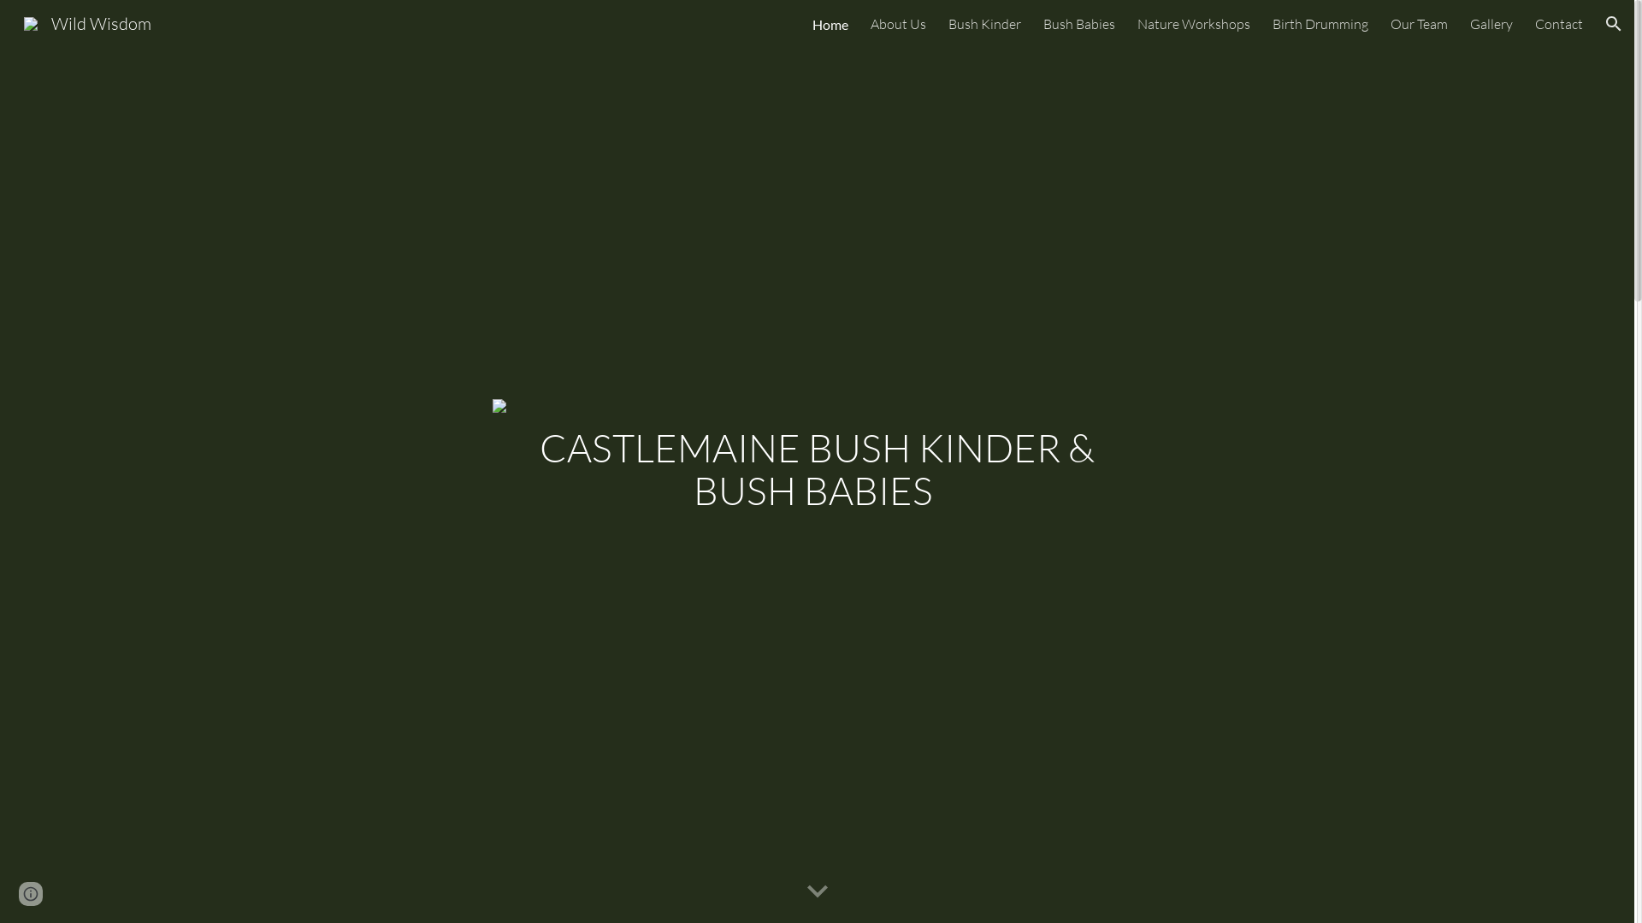 Image resolution: width=1642 pixels, height=923 pixels. What do you see at coordinates (812, 23) in the screenshot?
I see `'Home'` at bounding box center [812, 23].